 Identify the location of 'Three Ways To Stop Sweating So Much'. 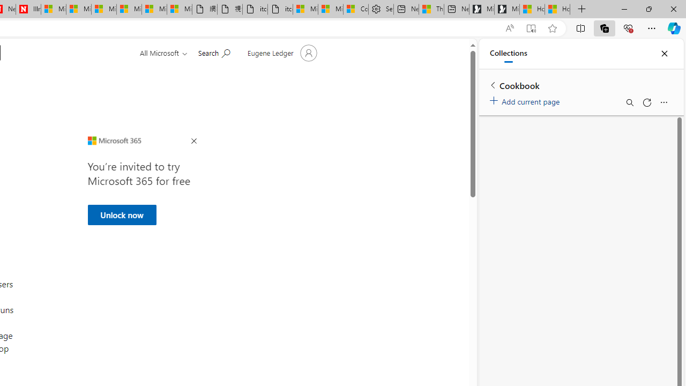
(431, 9).